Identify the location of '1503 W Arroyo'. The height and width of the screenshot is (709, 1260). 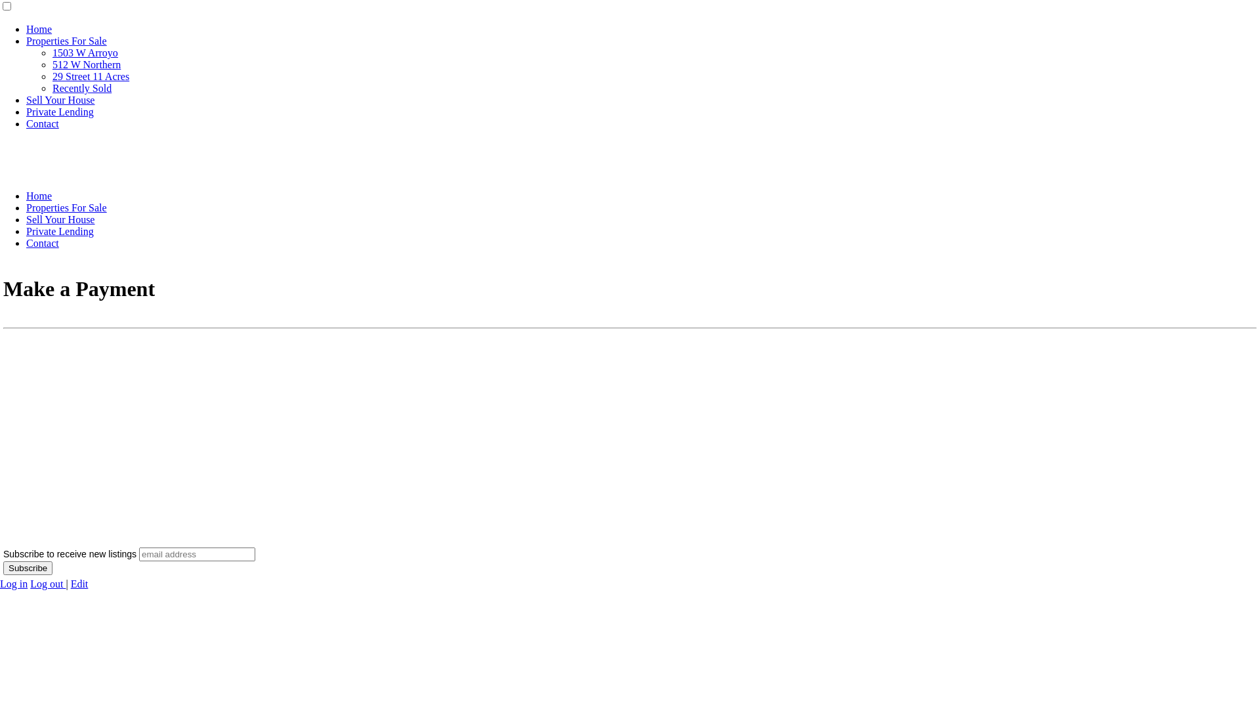
(84, 52).